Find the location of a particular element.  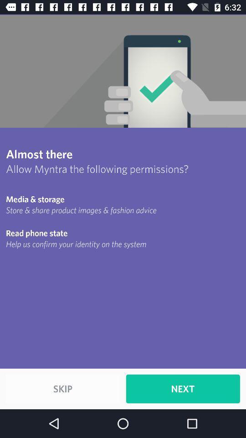

skip at the bottom left corner is located at coordinates (62, 388).